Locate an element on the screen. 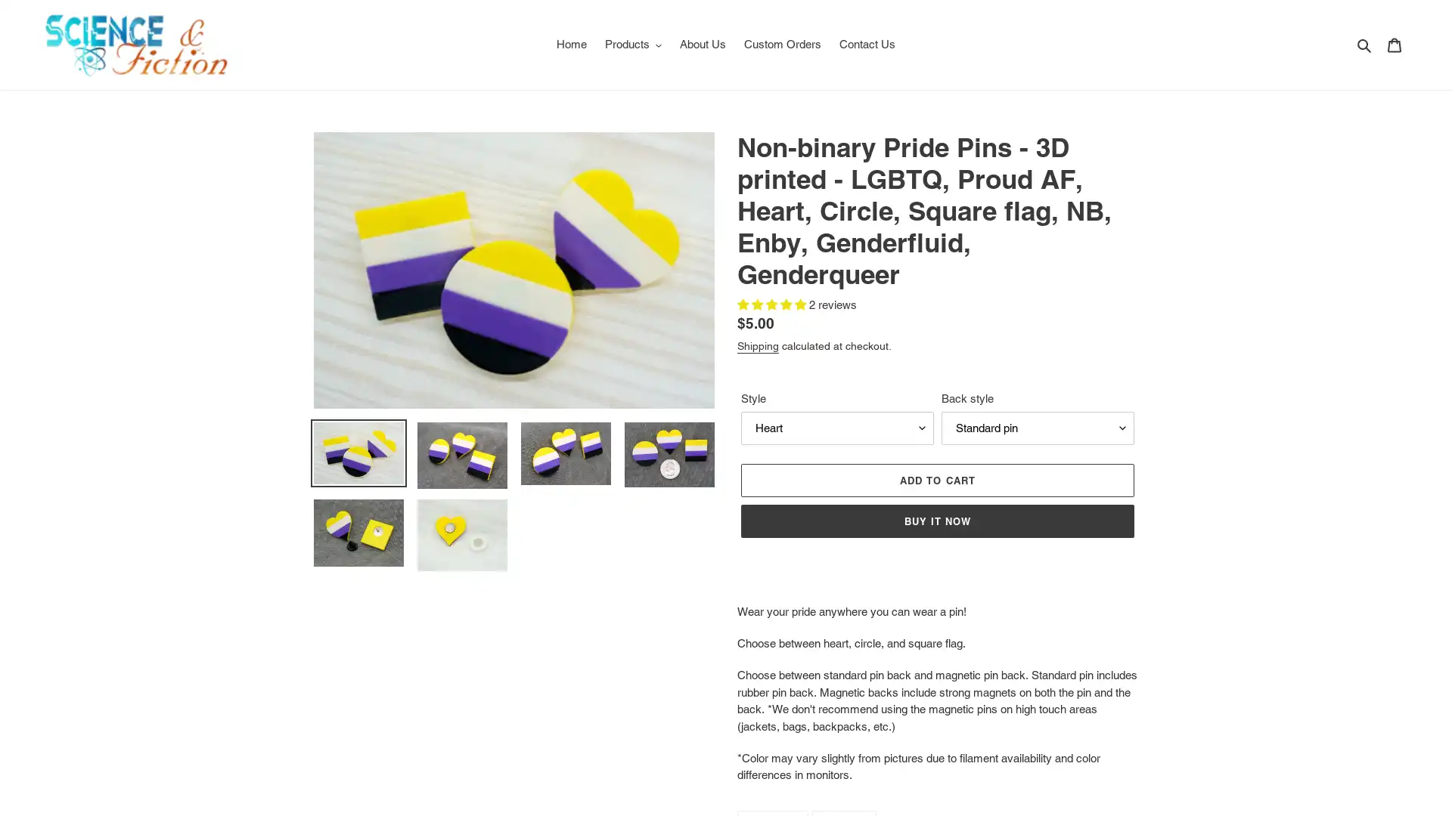  Products is located at coordinates (632, 43).